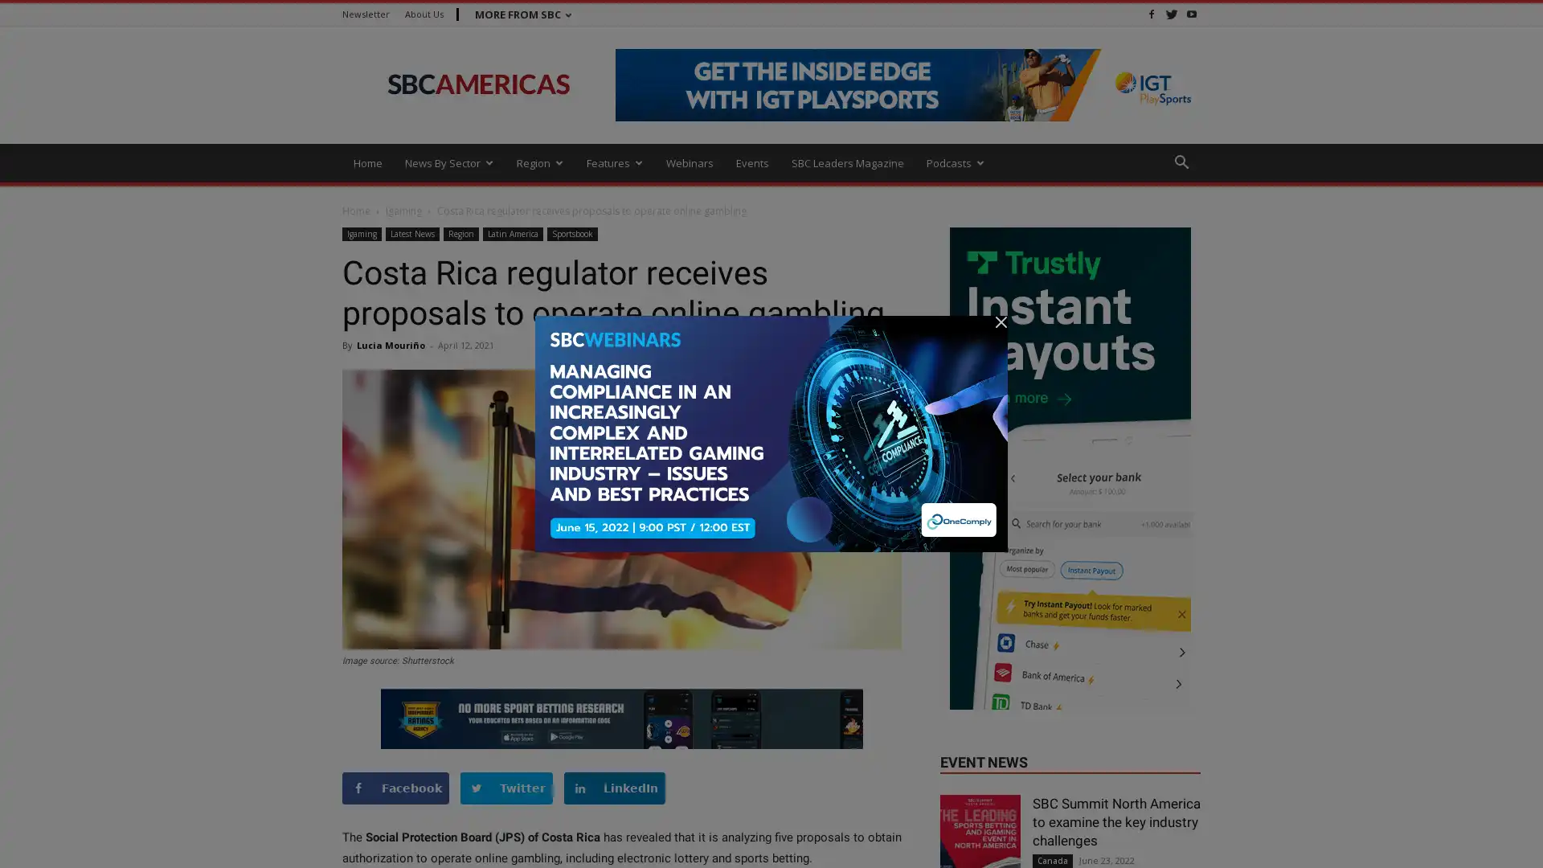 The width and height of the screenshot is (1543, 868). What do you see at coordinates (1001, 845) in the screenshot?
I see `GET TICKETS` at bounding box center [1001, 845].